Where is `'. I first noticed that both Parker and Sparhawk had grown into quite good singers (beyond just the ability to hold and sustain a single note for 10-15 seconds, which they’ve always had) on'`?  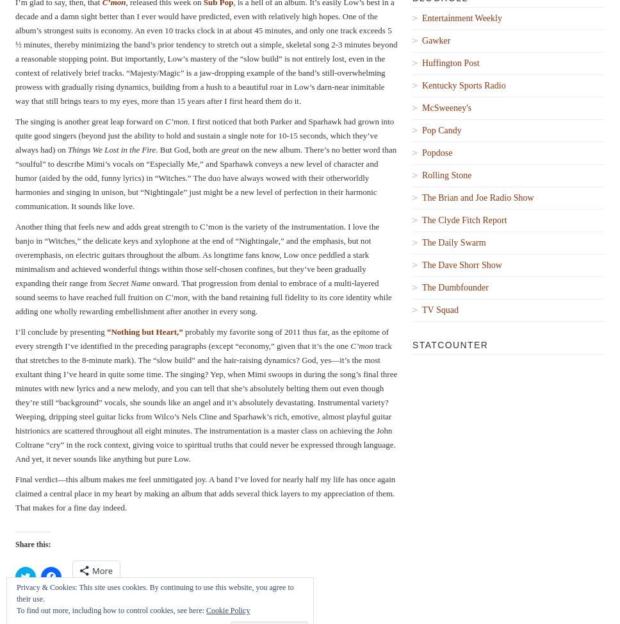
'. I first noticed that both Parker and Sparhawk had grown into quite good singers (beyond just the ability to hold and sustain a single note for 10-15 seconds, which they’ve always had) on' is located at coordinates (204, 134).